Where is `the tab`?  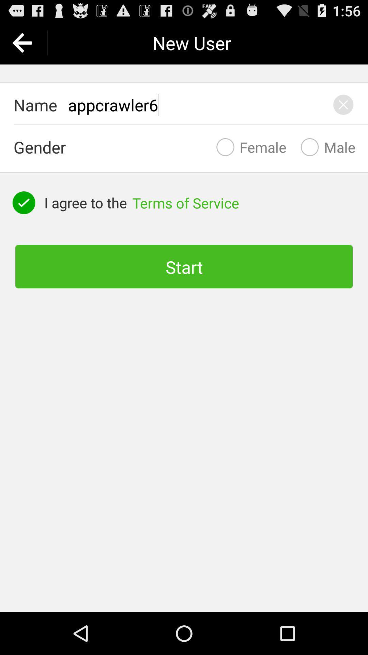
the tab is located at coordinates (343, 104).